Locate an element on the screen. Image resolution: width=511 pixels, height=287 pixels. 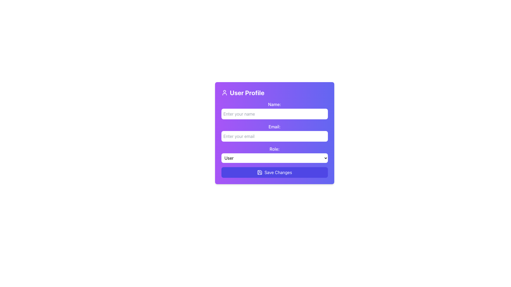
the Text Label that serves as a context for the dropdown input field labeled 'User' in the 'User Profile' section is located at coordinates (274, 149).